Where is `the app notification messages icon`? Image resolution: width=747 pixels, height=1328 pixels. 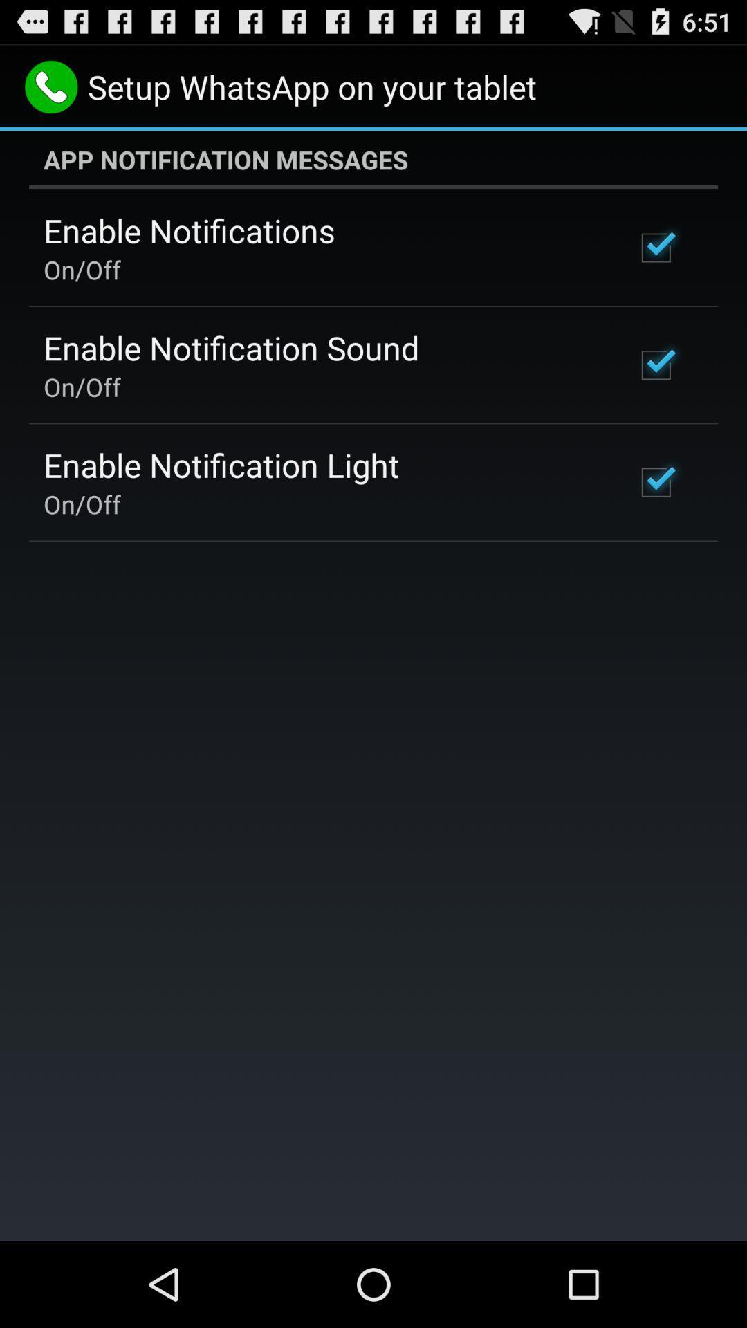 the app notification messages icon is located at coordinates (373, 159).